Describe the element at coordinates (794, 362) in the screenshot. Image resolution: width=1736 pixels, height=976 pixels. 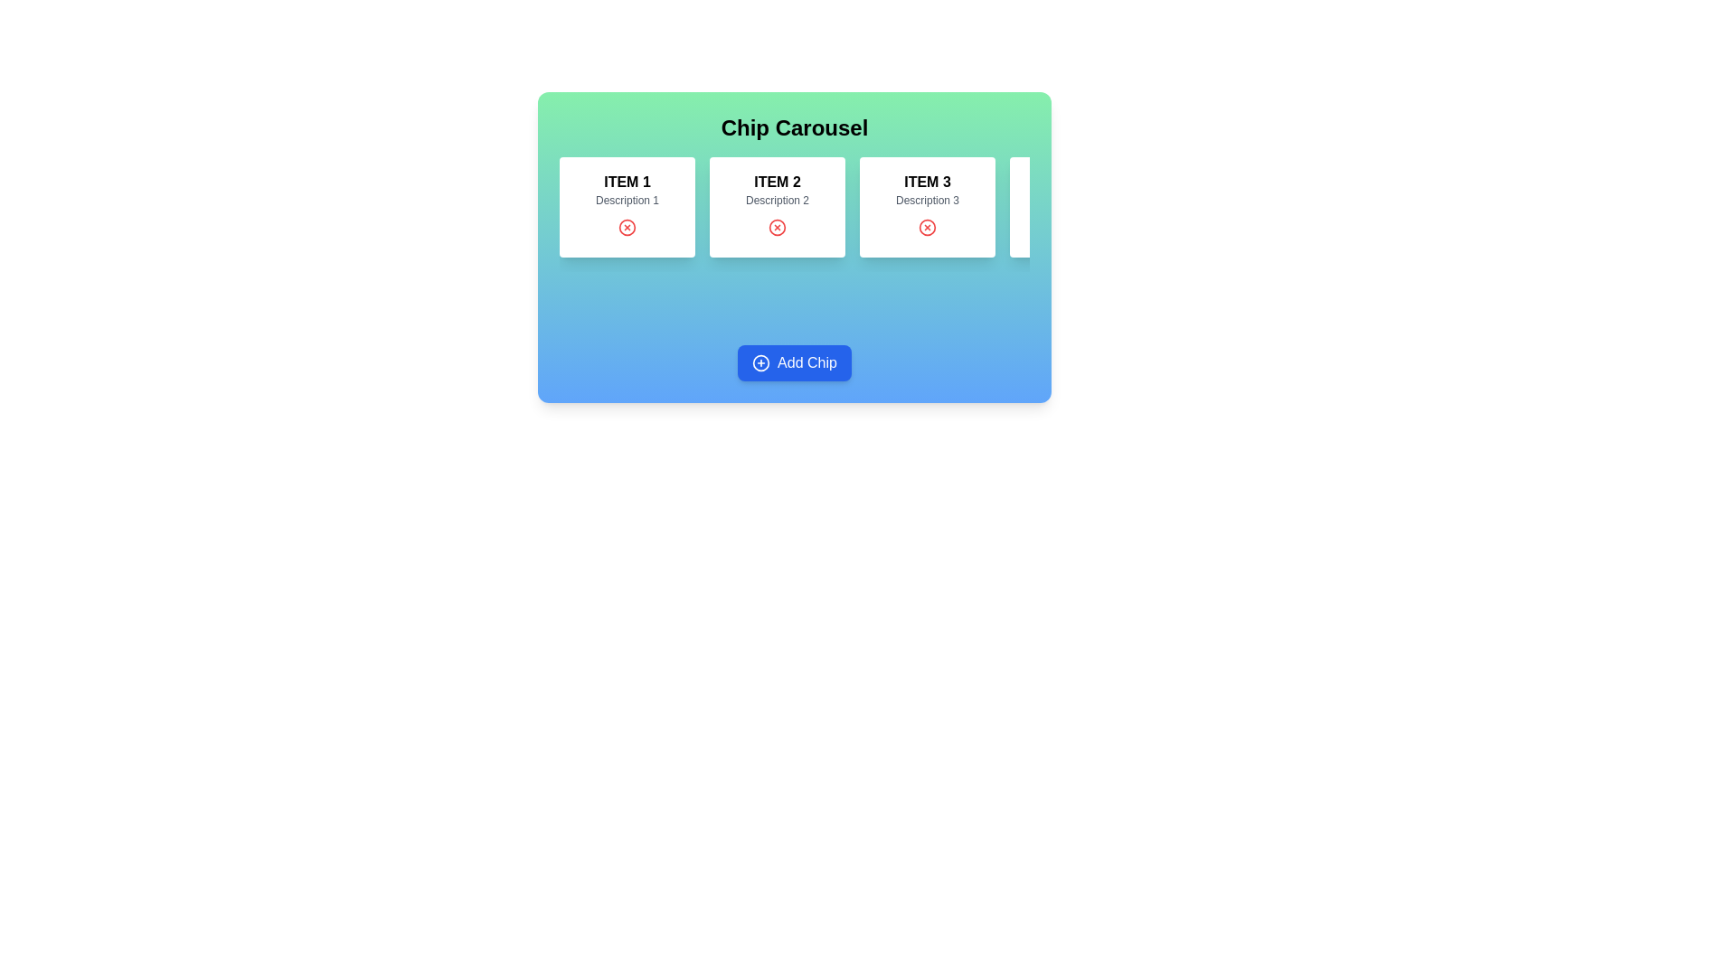
I see `the 'Add Chip' button to add a new chip to the carousel` at that location.